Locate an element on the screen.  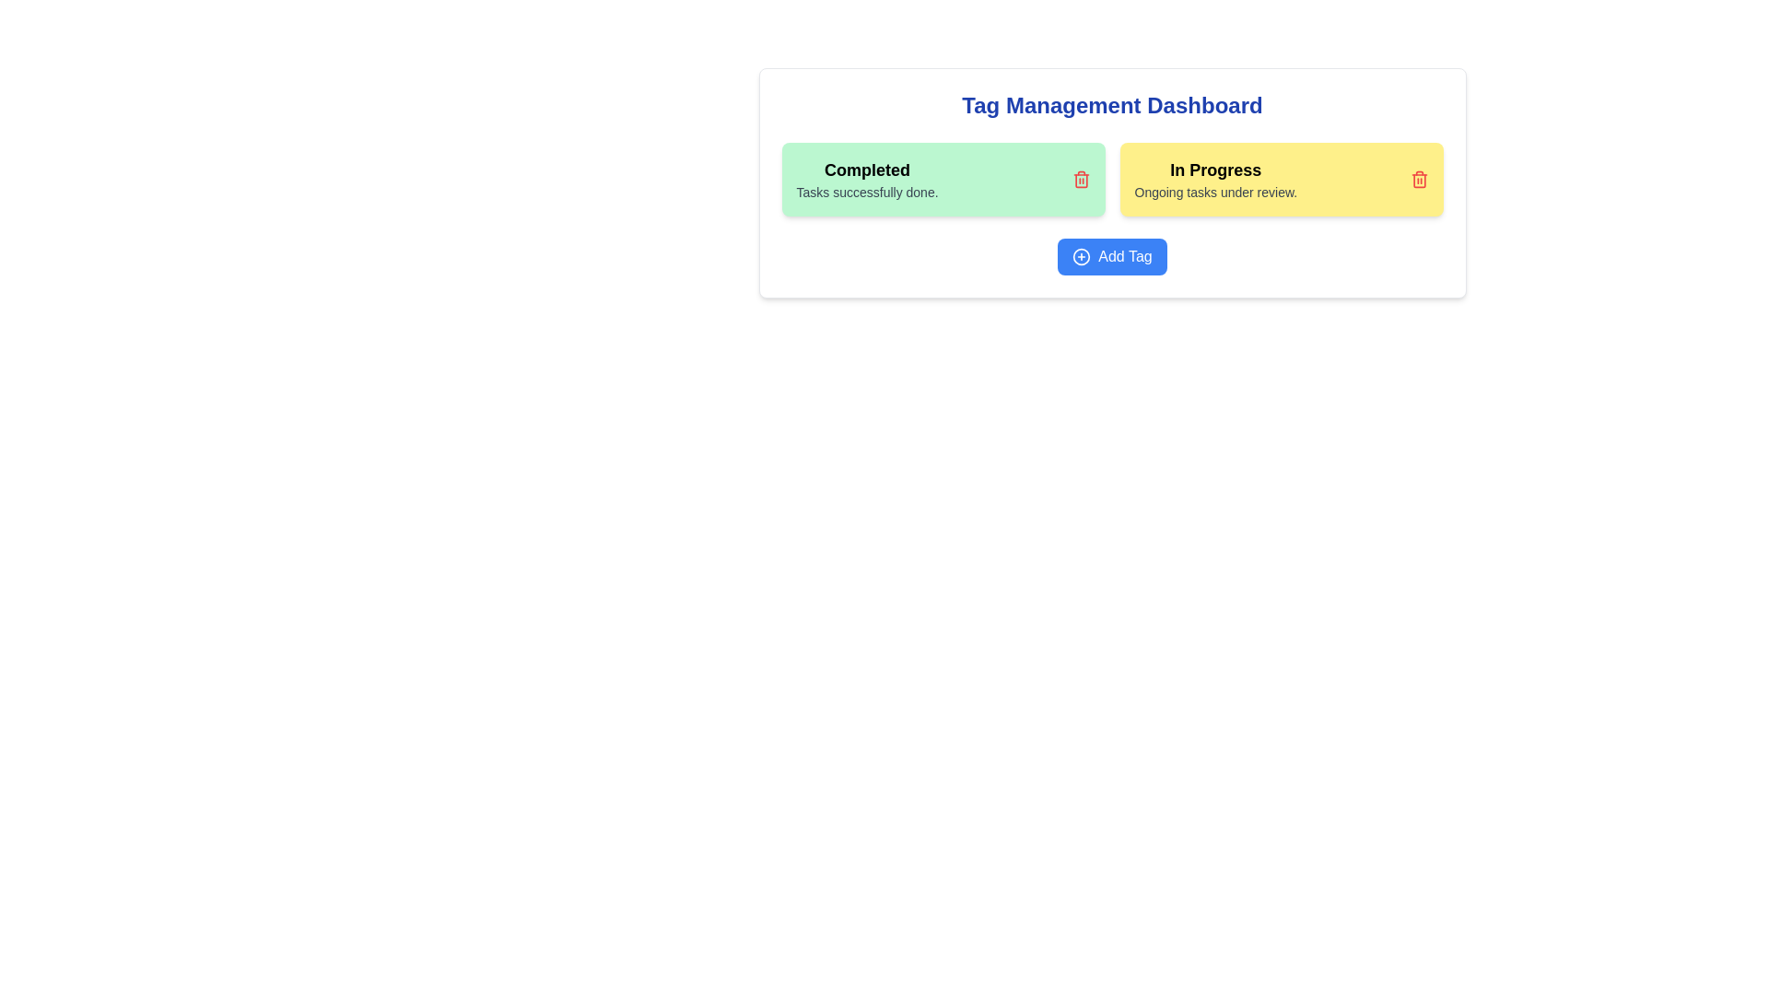
the red trash can icon button located on the right side of the yellow card containing the 'In Progress' text is located at coordinates (1418, 180).